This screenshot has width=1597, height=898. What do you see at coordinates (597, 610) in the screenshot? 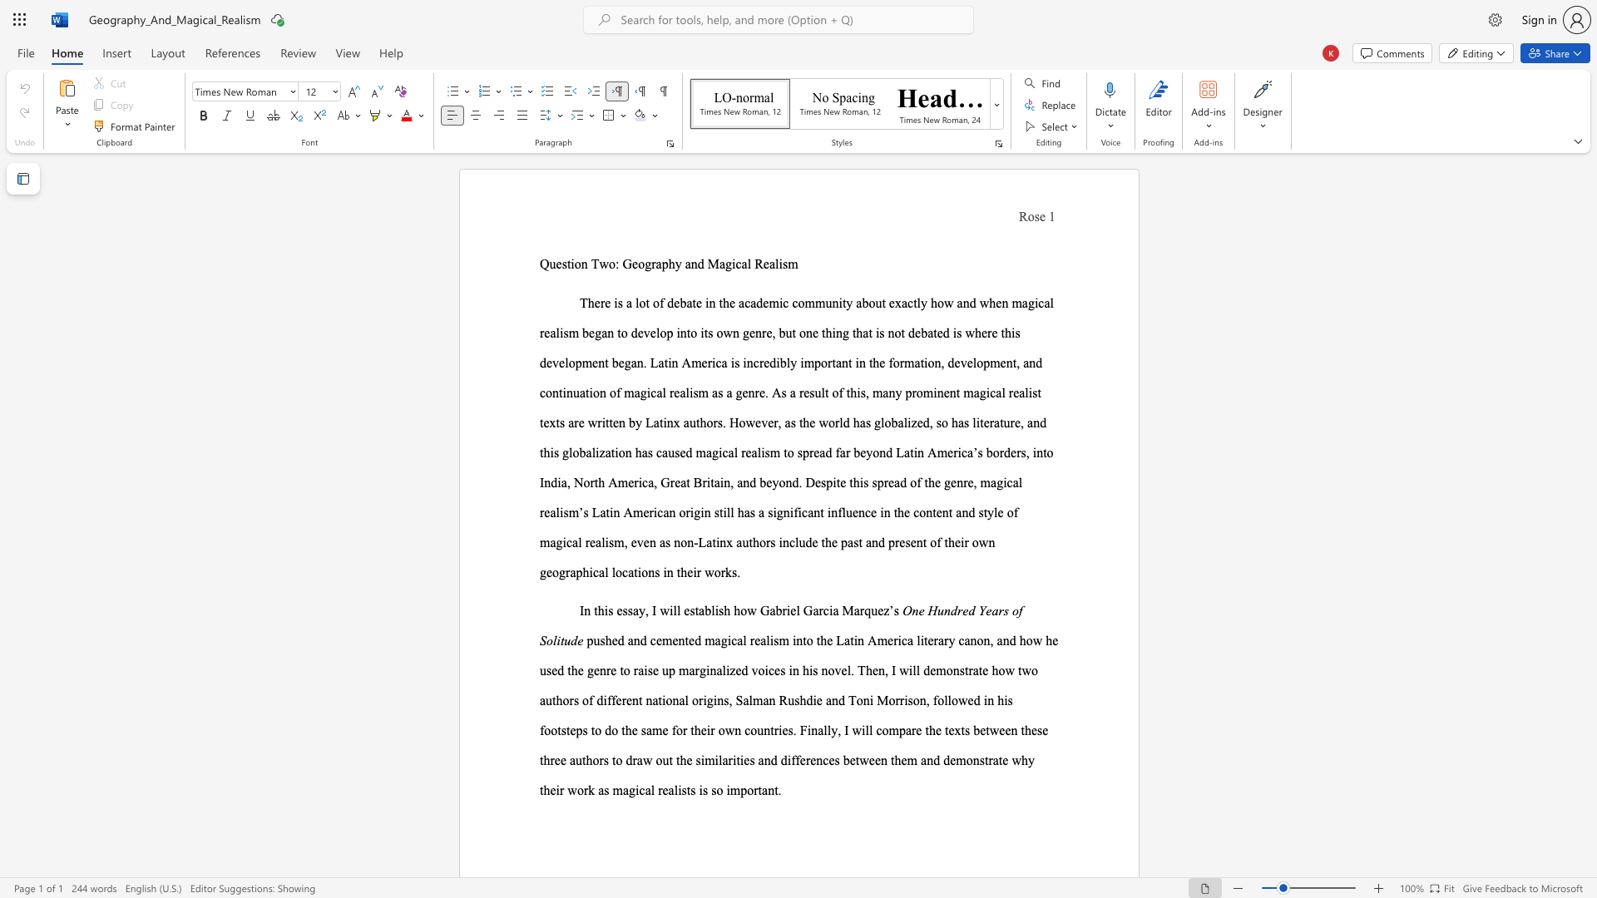
I see `the subset text "his es" within the text "In this essay, I will"` at bounding box center [597, 610].